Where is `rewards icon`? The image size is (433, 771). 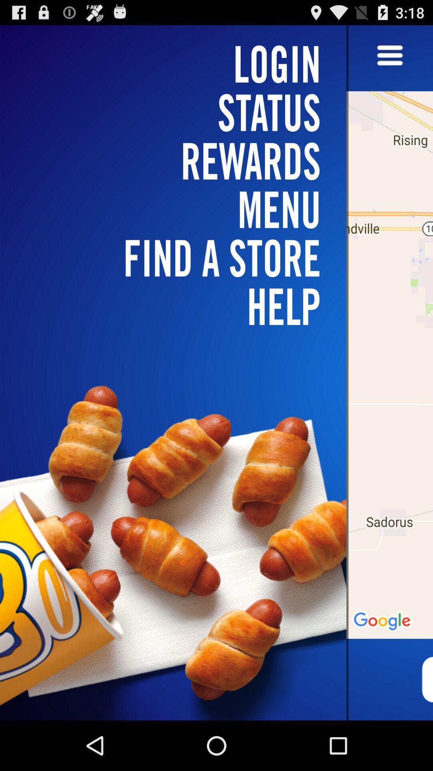
rewards icon is located at coordinates (178, 161).